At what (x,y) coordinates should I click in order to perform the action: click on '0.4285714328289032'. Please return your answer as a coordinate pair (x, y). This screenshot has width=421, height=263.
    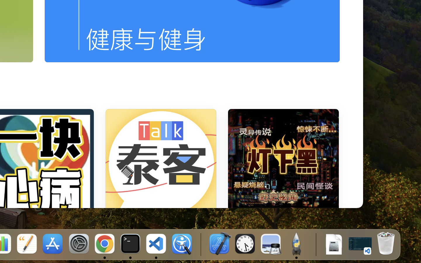
    Looking at the image, I should click on (200, 244).